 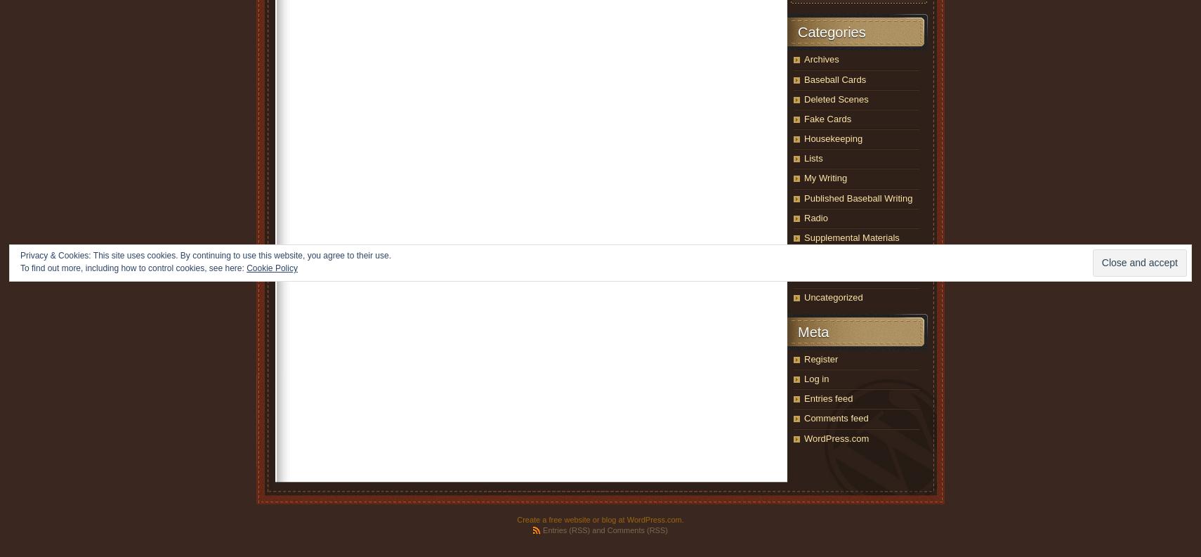 What do you see at coordinates (803, 377) in the screenshot?
I see `'Log in'` at bounding box center [803, 377].